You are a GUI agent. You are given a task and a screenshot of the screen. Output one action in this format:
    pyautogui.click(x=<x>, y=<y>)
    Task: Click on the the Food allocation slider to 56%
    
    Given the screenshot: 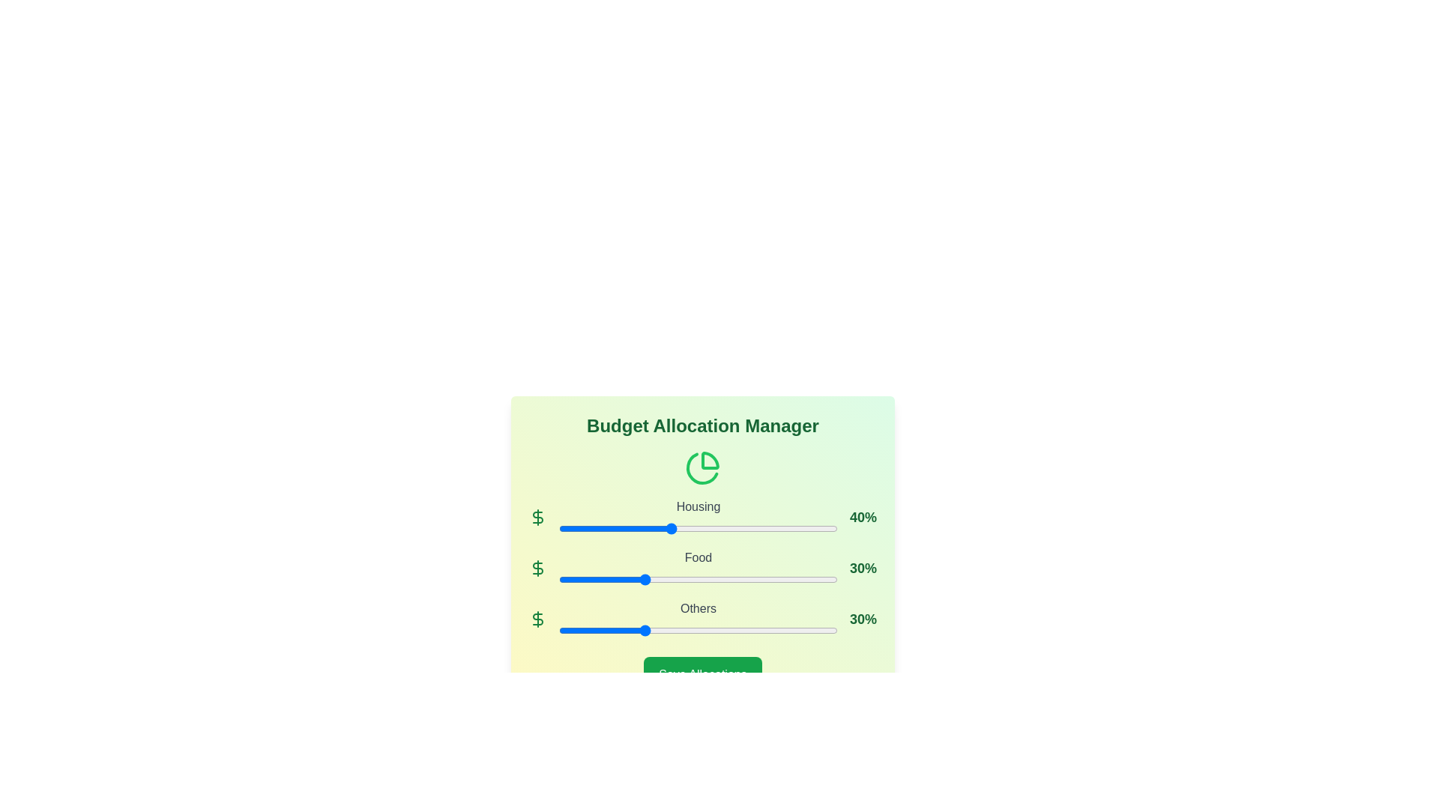 What is the action you would take?
    pyautogui.click(x=714, y=579)
    